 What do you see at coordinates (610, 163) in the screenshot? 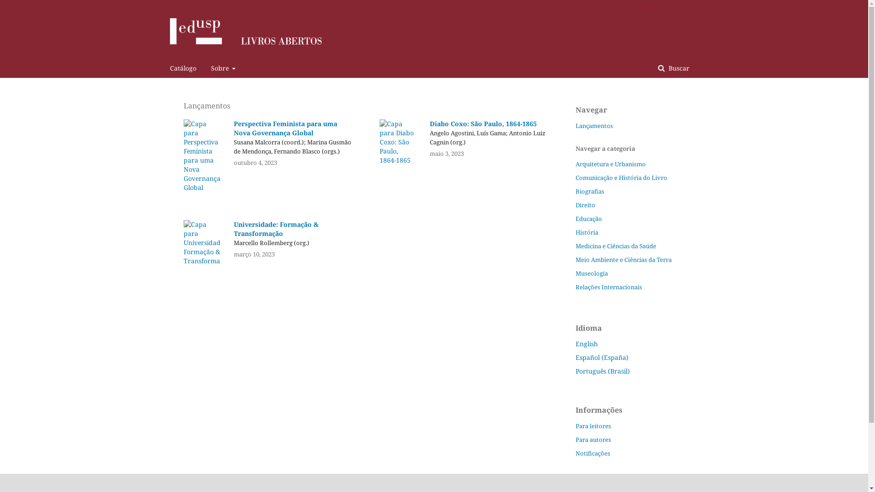
I see `'Arquitetura e Urbanismo'` at bounding box center [610, 163].